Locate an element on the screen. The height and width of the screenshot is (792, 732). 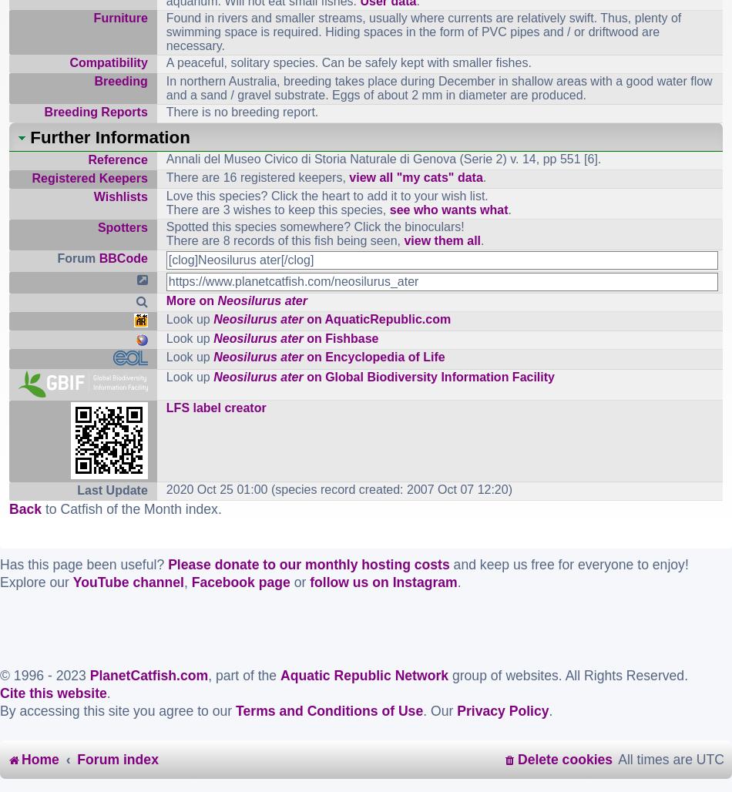
'There is no breeding report.' is located at coordinates (240, 111).